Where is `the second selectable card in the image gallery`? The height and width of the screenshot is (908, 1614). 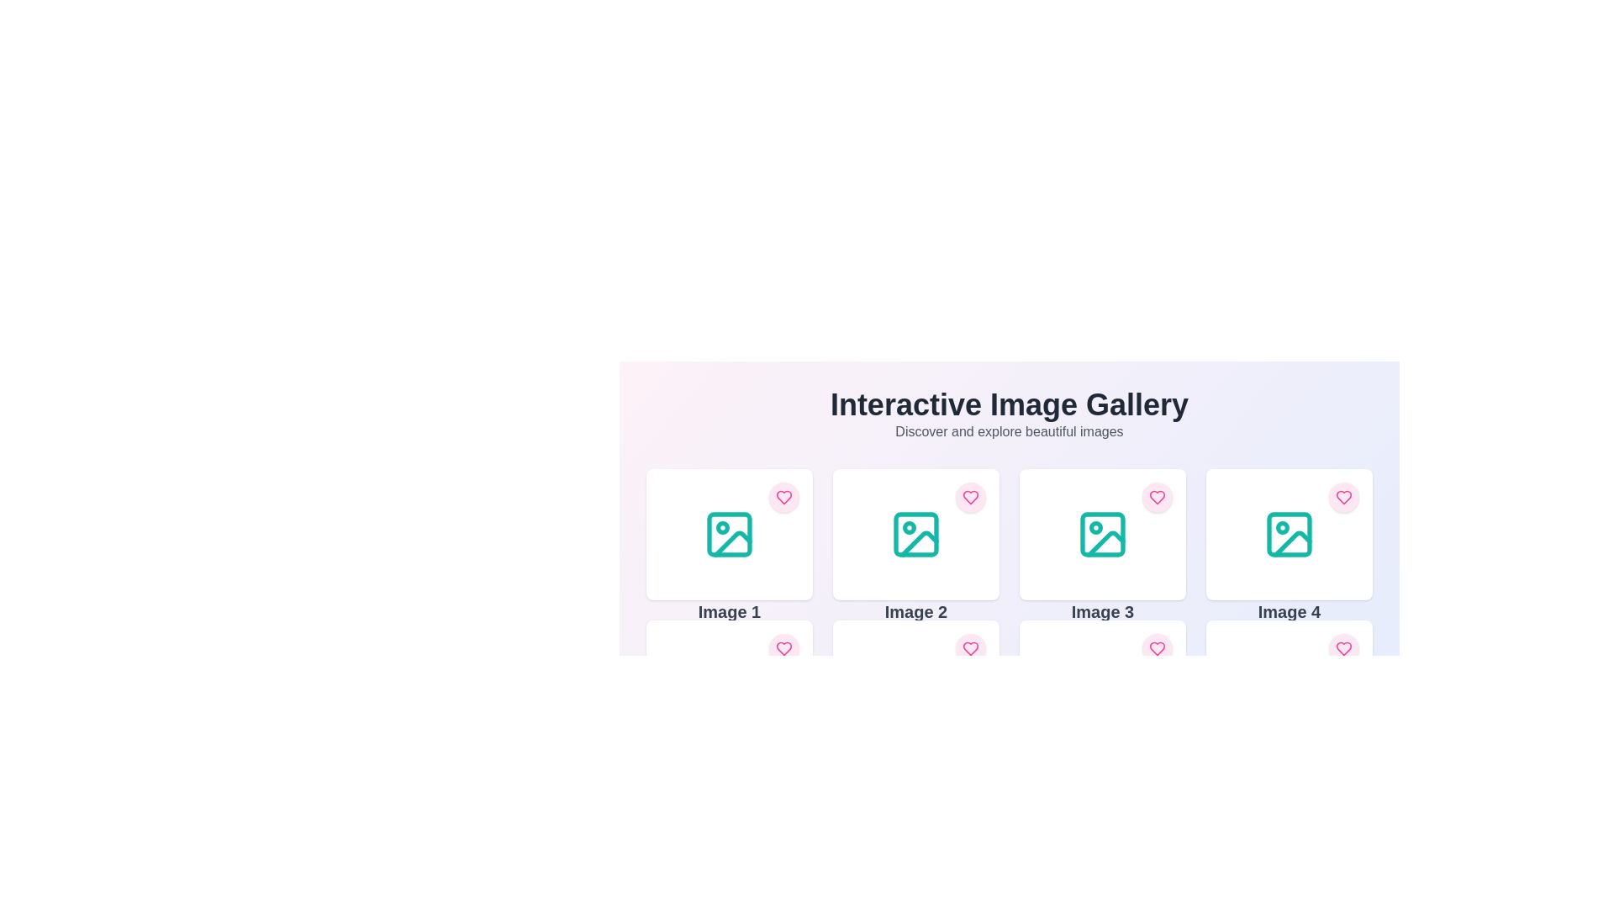 the second selectable card in the image gallery is located at coordinates (915, 535).